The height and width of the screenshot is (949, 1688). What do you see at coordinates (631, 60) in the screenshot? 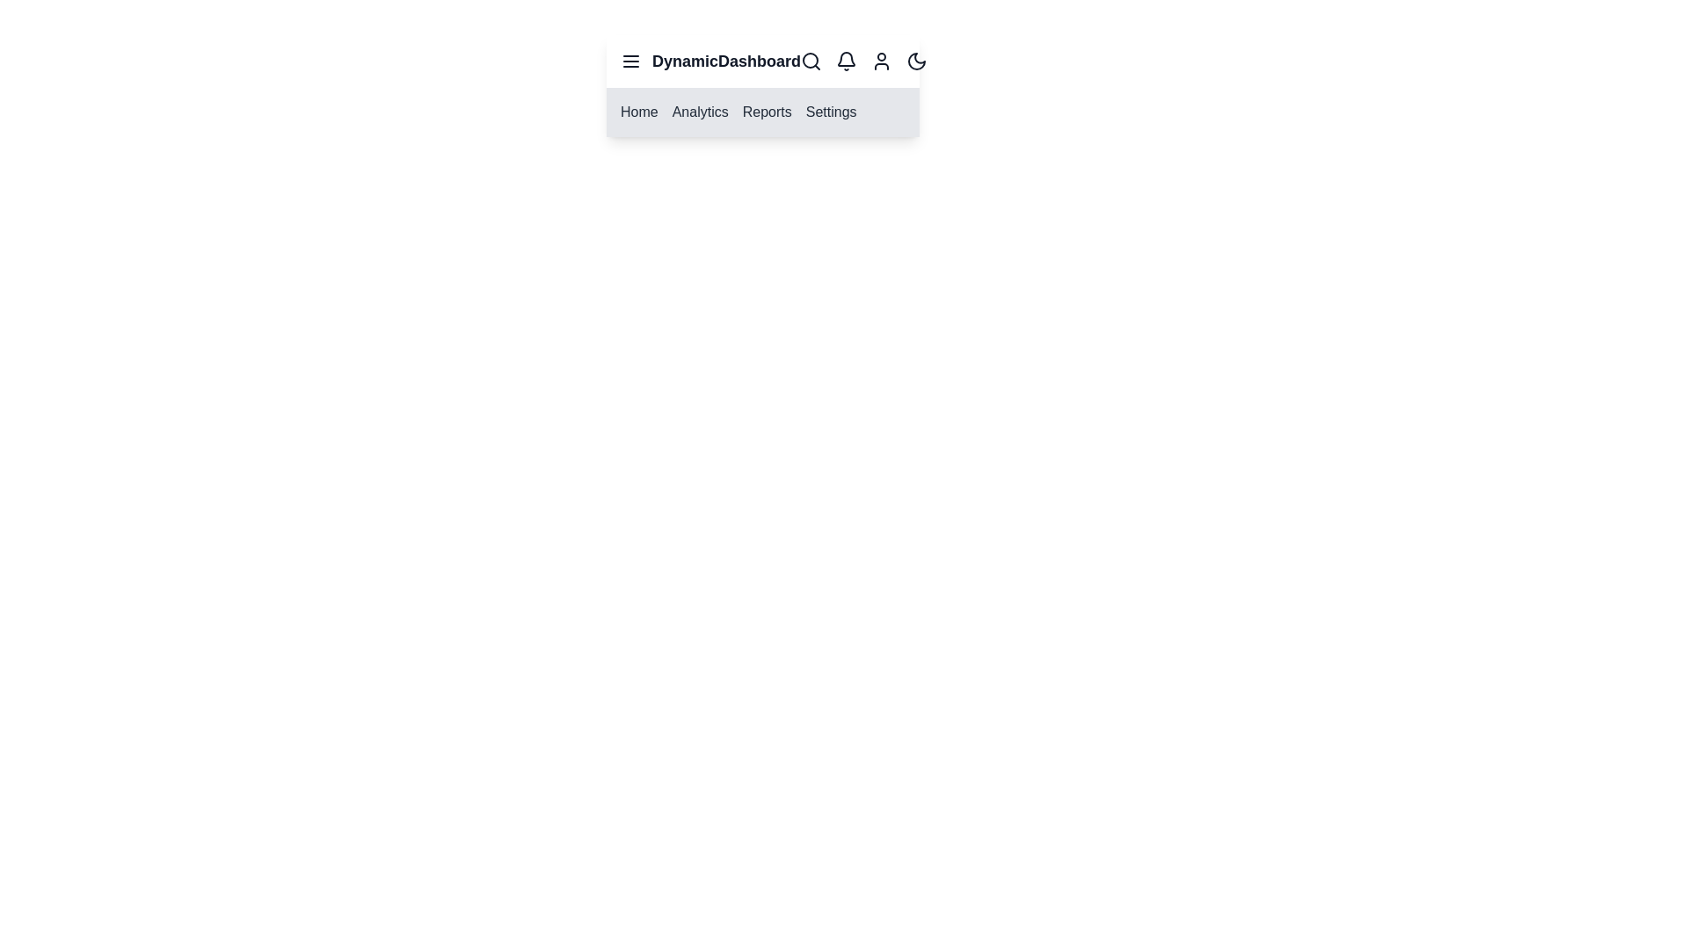
I see `the menu button to toggle the side menu visibility` at bounding box center [631, 60].